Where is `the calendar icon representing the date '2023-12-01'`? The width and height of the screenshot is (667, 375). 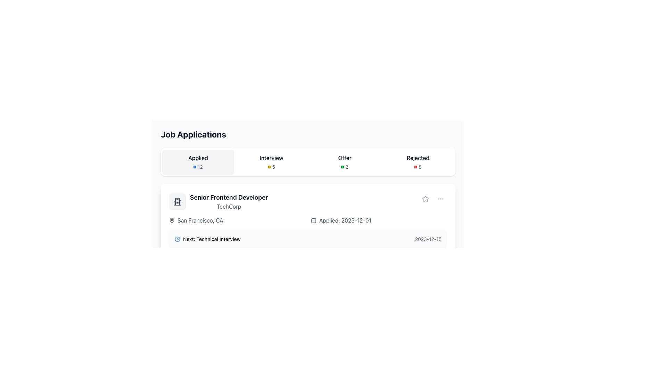
the calendar icon representing the date '2023-12-01' is located at coordinates (313, 220).